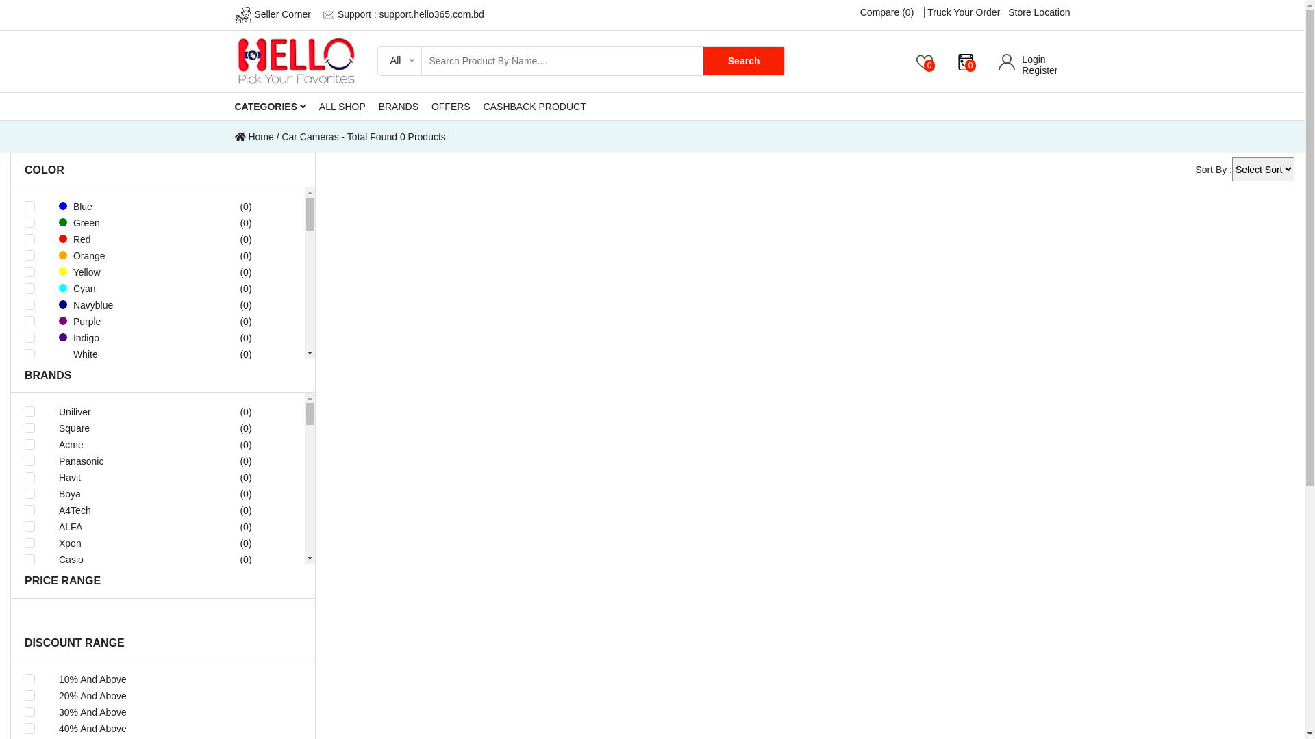 Image resolution: width=1315 pixels, height=739 pixels. What do you see at coordinates (38, 679) in the screenshot?
I see `'10% And Above'` at bounding box center [38, 679].